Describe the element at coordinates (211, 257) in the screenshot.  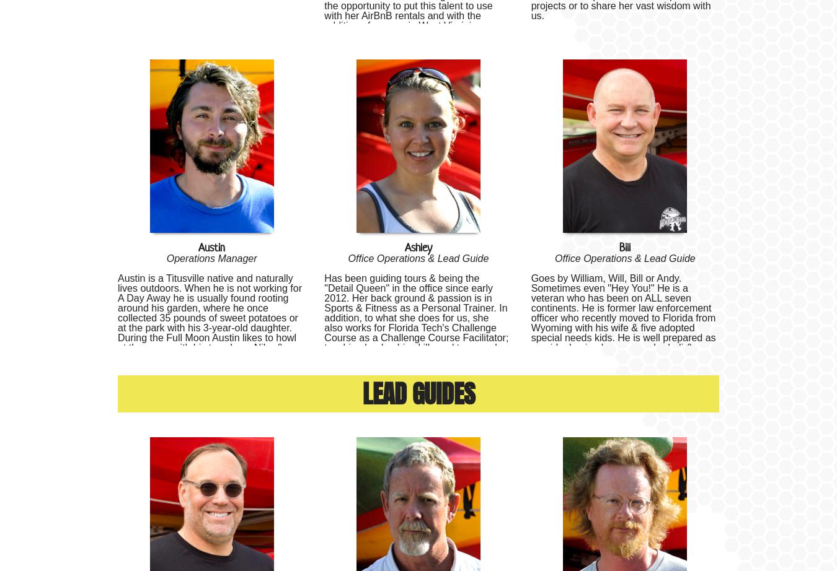
I see `'Operations Manager'` at that location.